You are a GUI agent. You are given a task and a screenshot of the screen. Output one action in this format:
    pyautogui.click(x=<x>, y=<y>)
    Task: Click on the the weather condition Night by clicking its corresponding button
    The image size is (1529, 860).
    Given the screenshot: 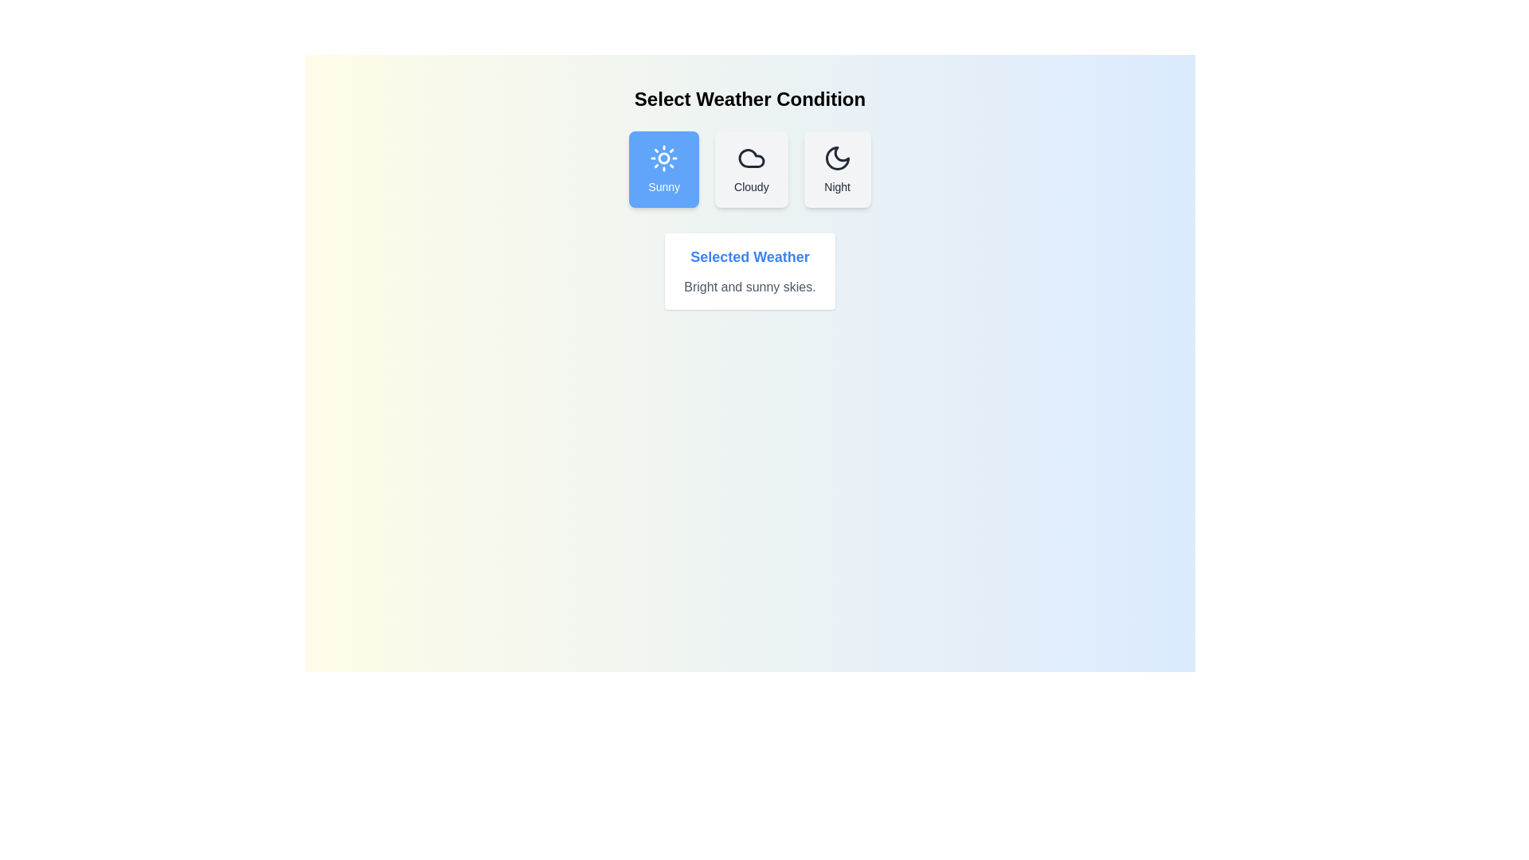 What is the action you would take?
    pyautogui.click(x=836, y=169)
    